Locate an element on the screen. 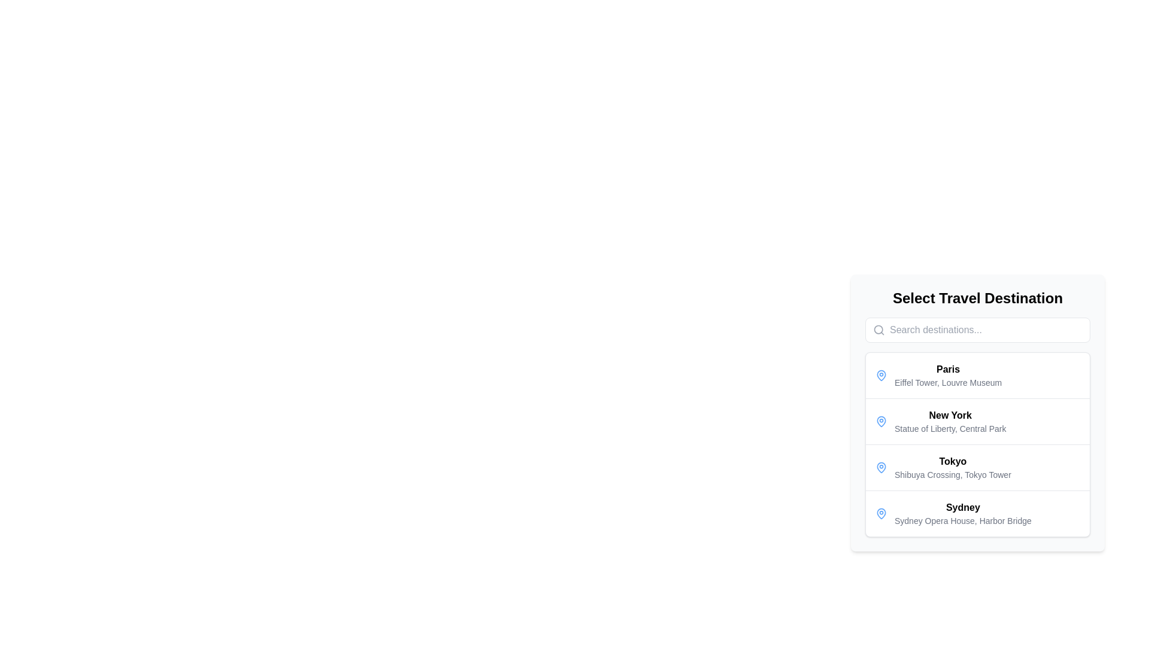  bold-text label displaying 'Paris' located at the top of the Paris entry in the travel destinations list is located at coordinates (947, 368).